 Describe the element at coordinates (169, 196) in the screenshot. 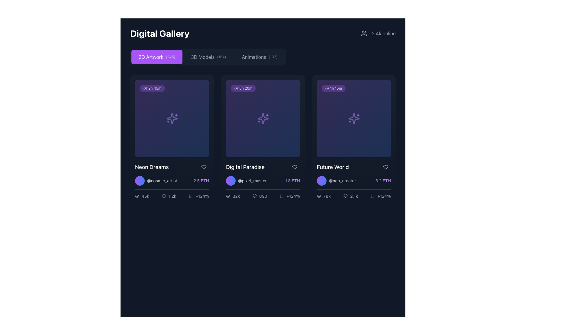

I see `the heart icon displaying the number of likes or favorites in the statistics bar under the 'Neon Dreams' section` at that location.